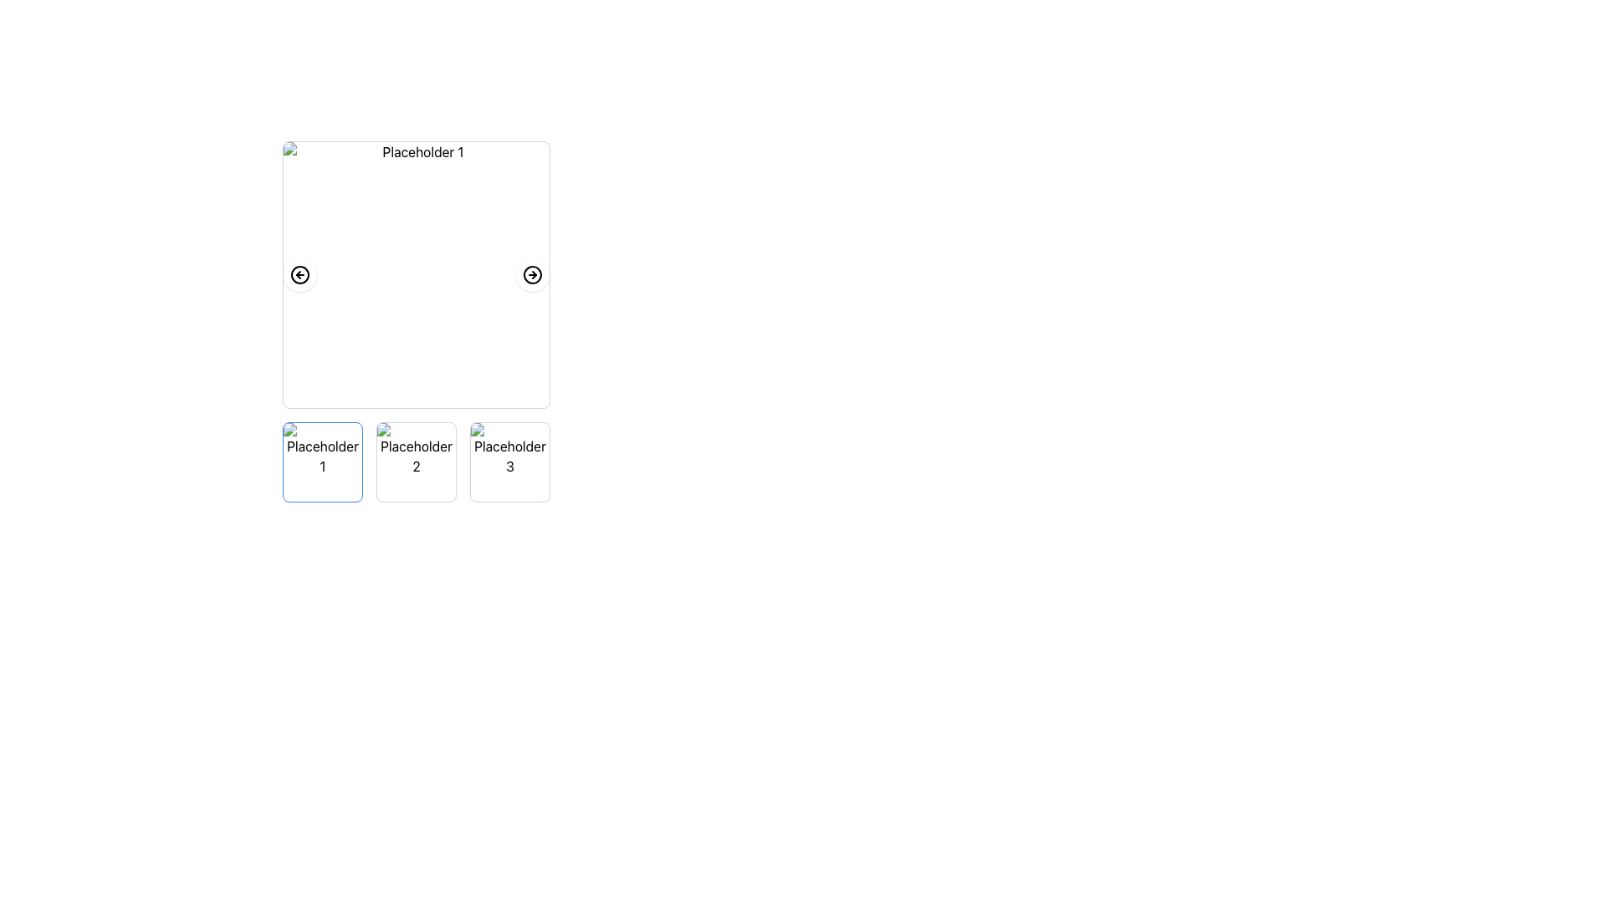 This screenshot has width=1606, height=903. Describe the element at coordinates (509, 462) in the screenshot. I see `the third image placeholder in the horizontally aligned group of three items below the primary large image` at that location.